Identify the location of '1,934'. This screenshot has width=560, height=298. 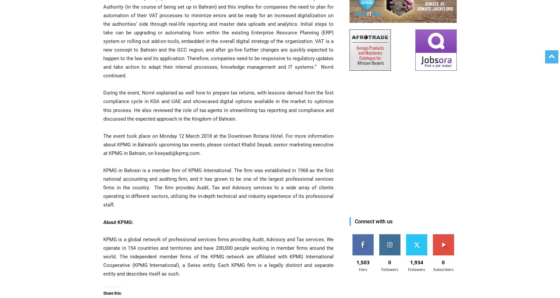
(416, 262).